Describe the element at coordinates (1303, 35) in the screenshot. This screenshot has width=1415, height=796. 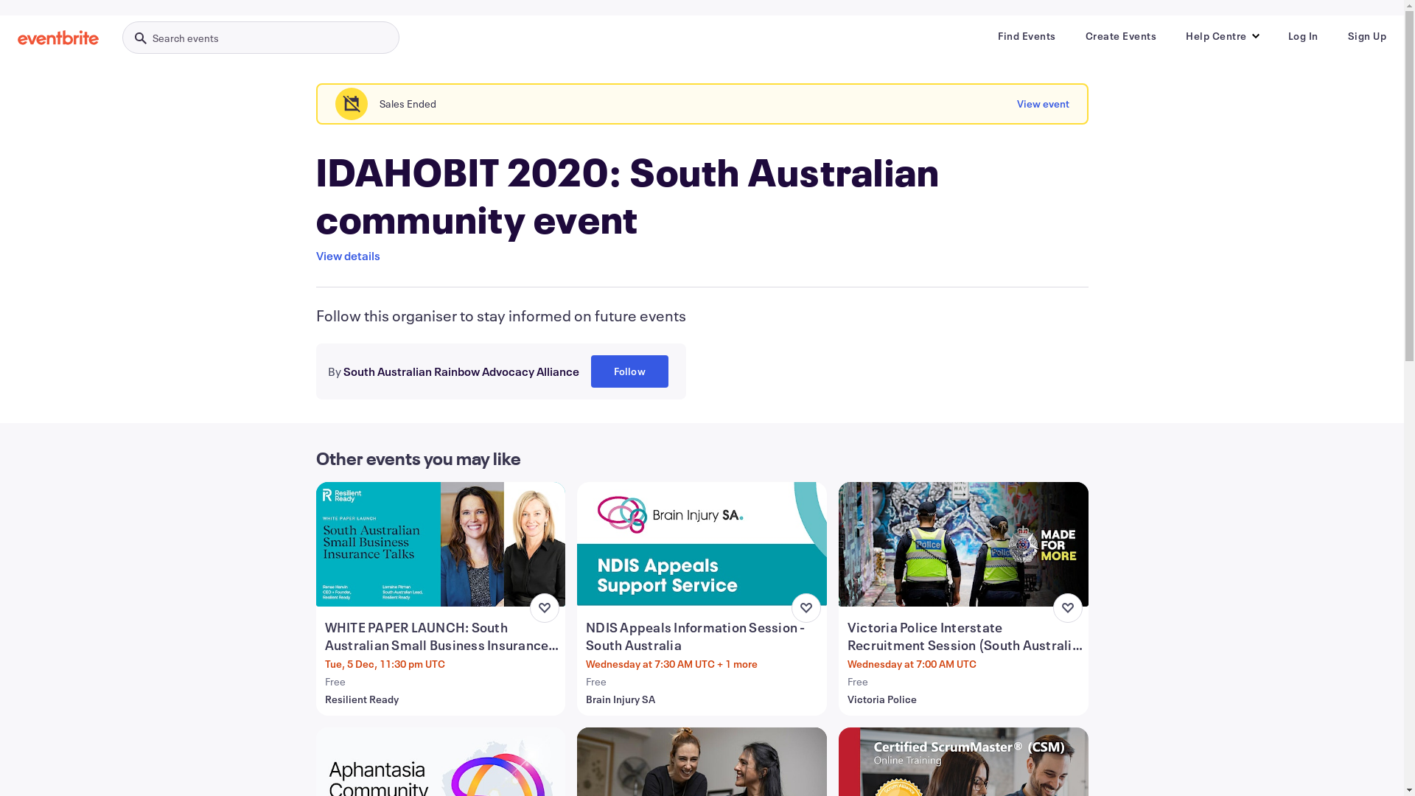
I see `'Log In'` at that location.